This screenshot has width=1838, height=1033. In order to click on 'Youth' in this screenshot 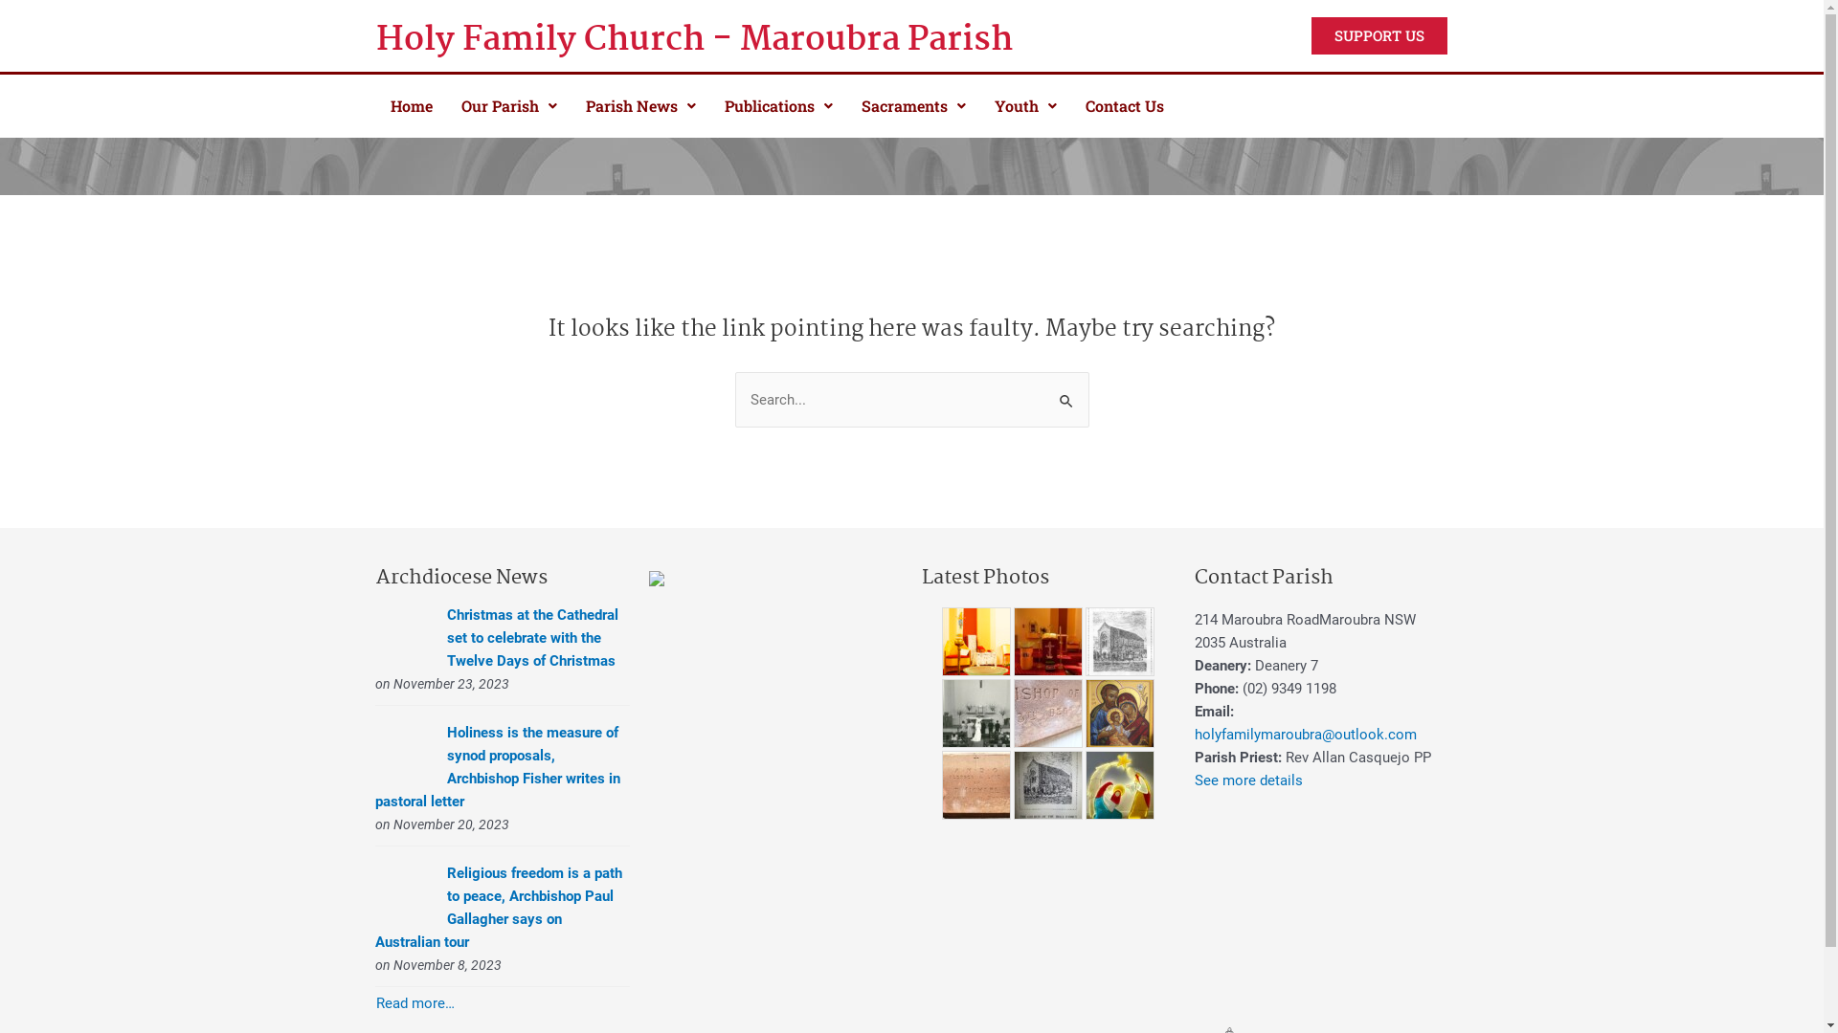, I will do `click(1024, 106)`.